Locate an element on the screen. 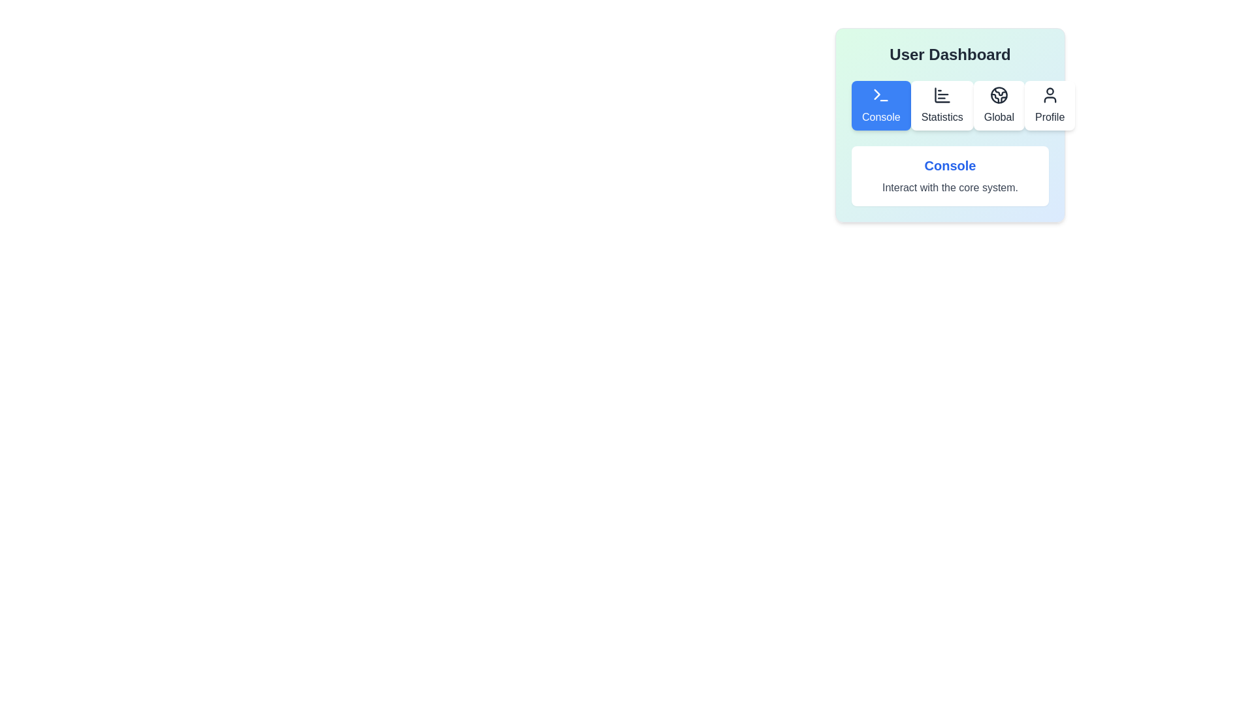  the Global tab is located at coordinates (998, 105).